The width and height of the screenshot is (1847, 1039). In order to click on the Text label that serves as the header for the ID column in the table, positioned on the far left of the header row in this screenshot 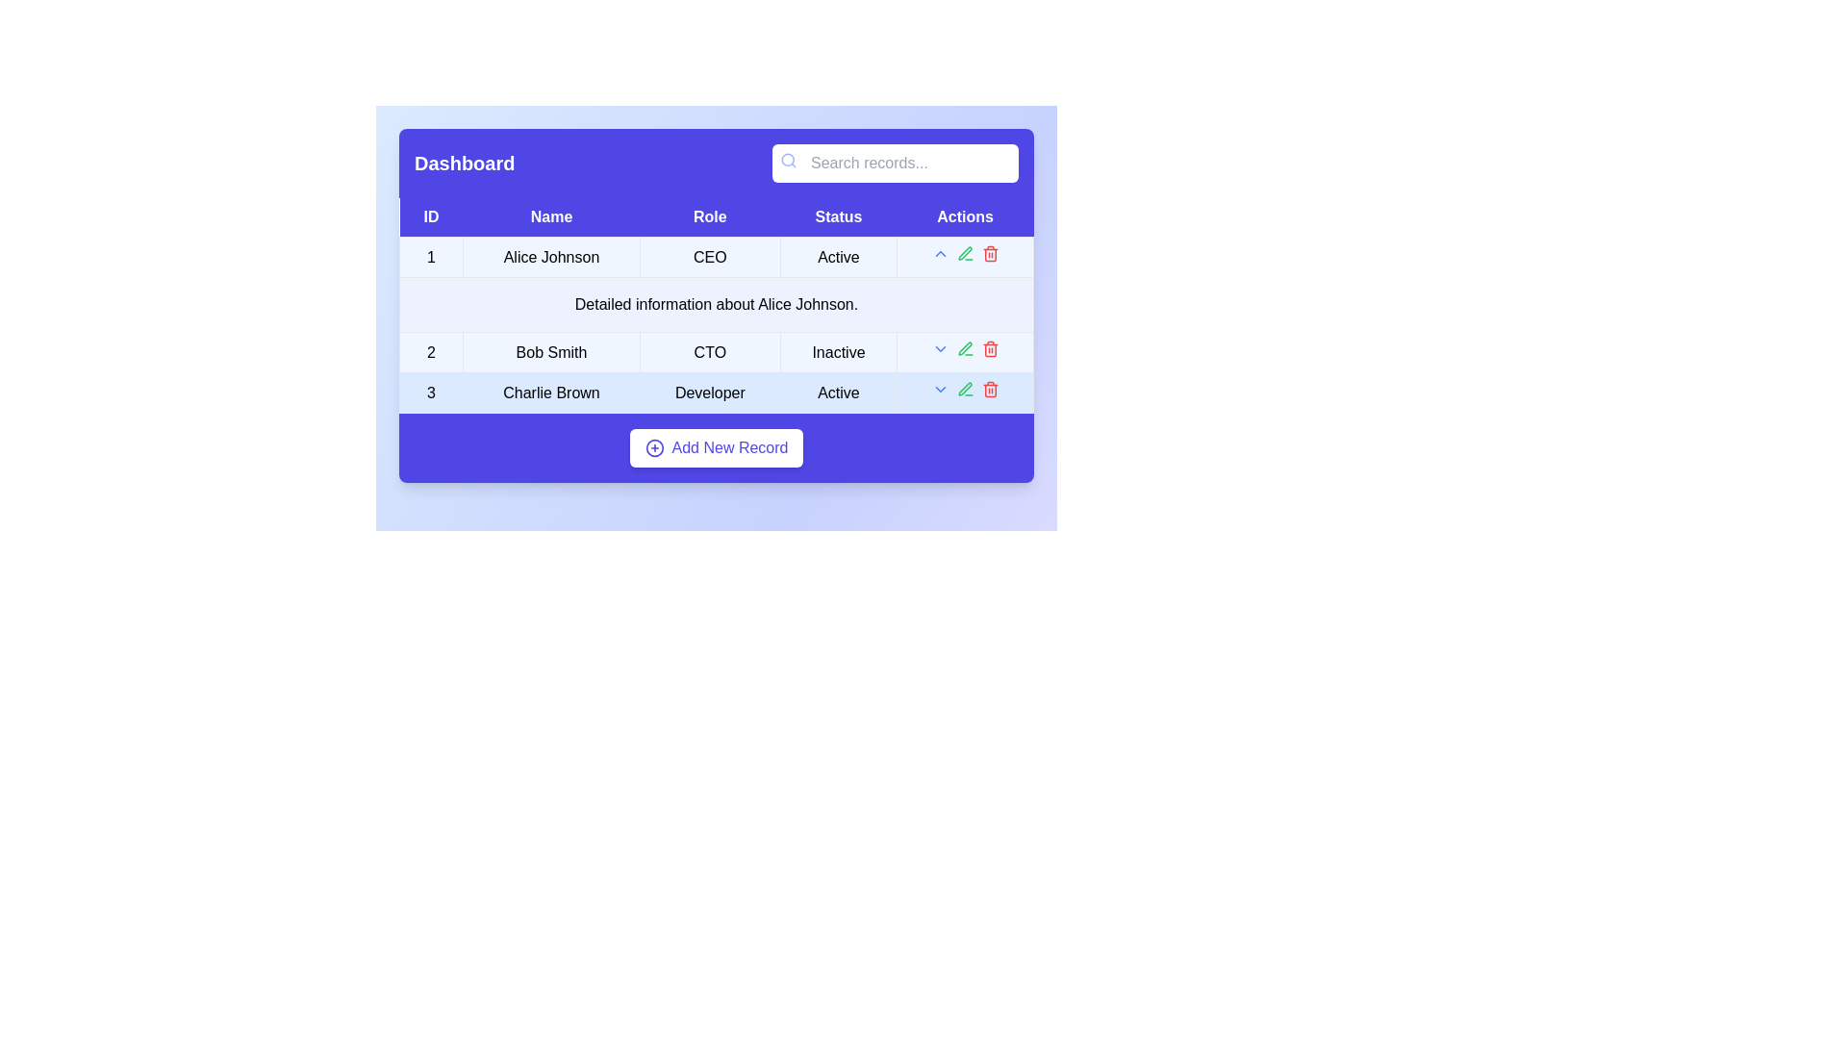, I will do `click(430, 216)`.